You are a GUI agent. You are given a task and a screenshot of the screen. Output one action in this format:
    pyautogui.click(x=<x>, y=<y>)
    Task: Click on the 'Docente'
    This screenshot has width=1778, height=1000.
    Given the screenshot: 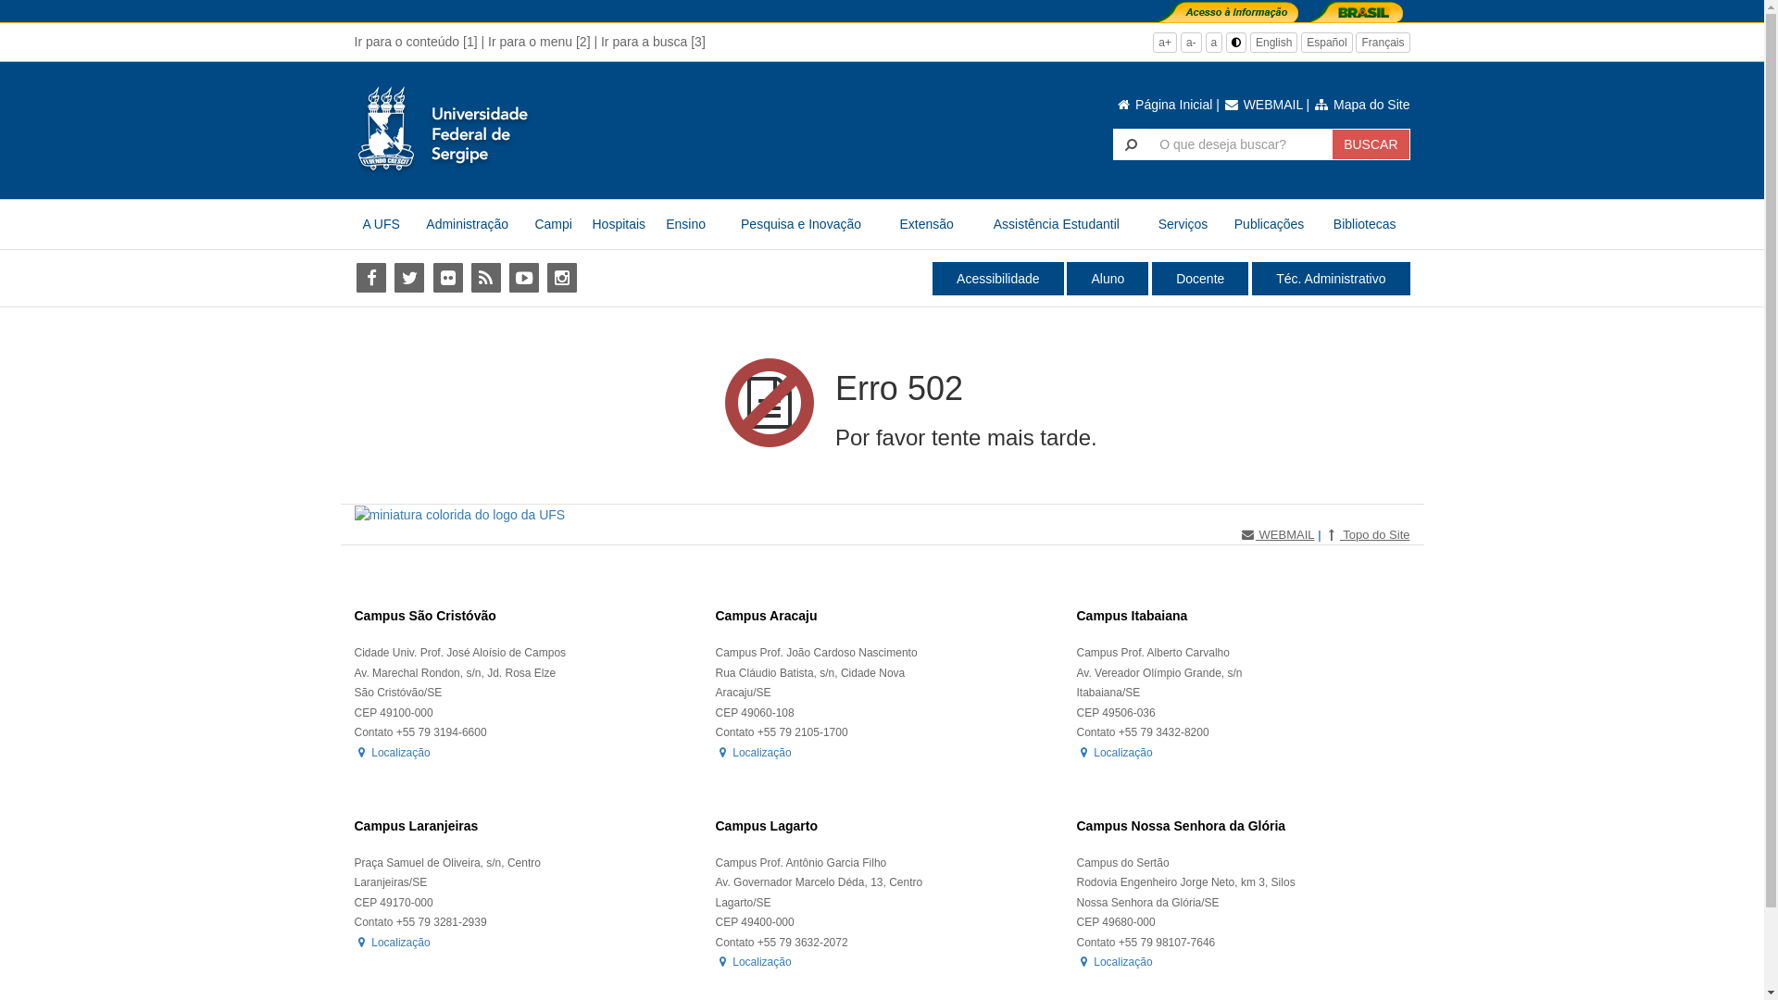 What is the action you would take?
    pyautogui.click(x=1200, y=278)
    